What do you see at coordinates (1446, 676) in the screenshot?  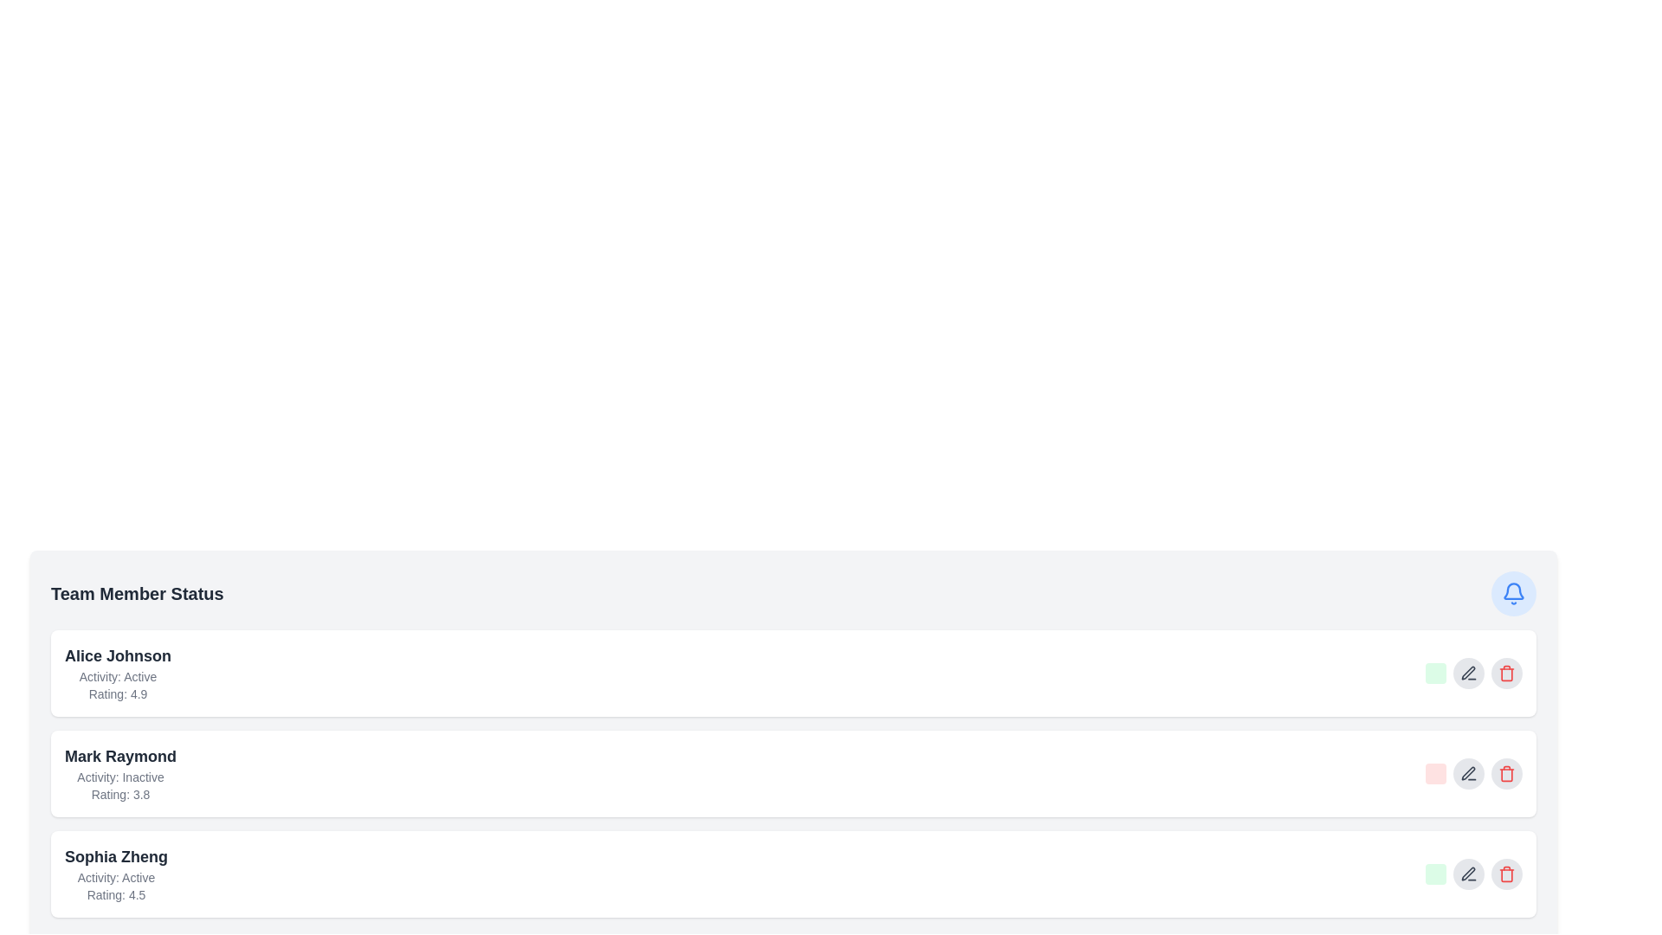 I see `the circular badge icon indicating 'Active' status, which has a green fill and a hollow center` at bounding box center [1446, 676].